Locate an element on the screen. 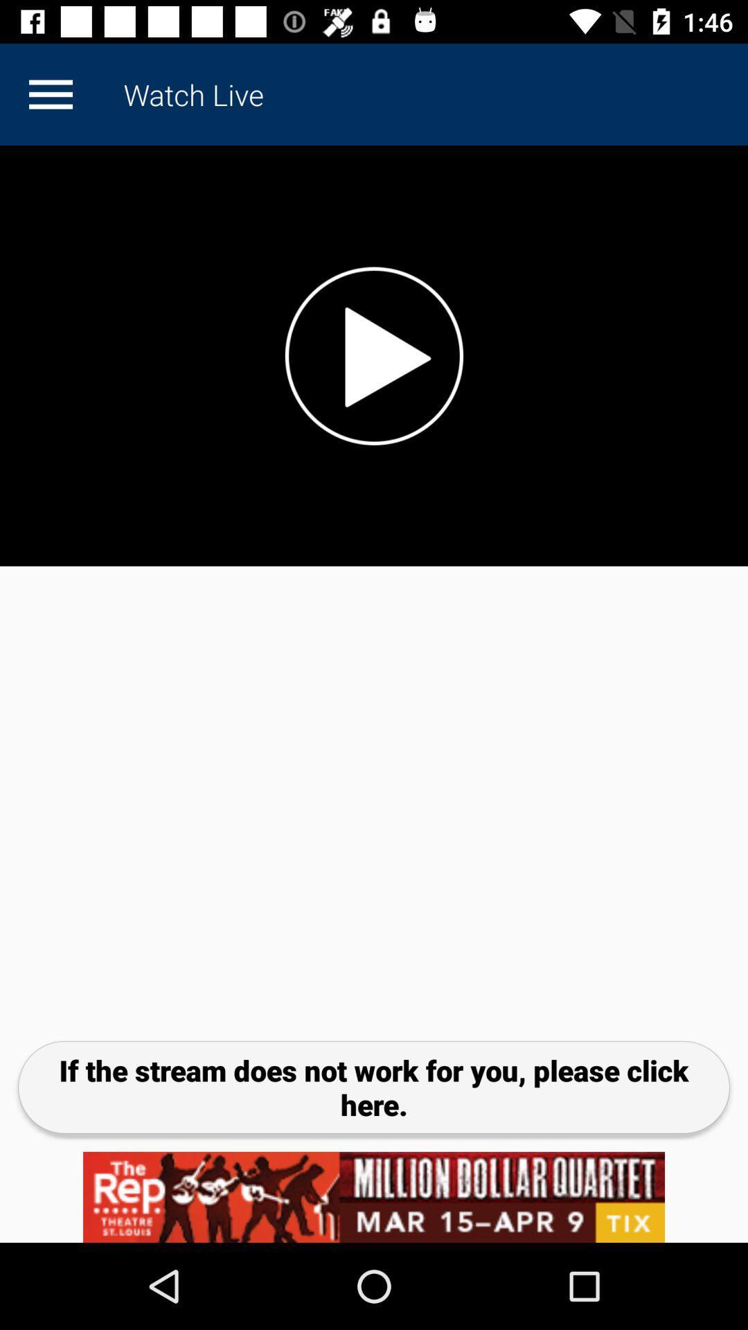 The height and width of the screenshot is (1330, 748). video is located at coordinates (374, 355).